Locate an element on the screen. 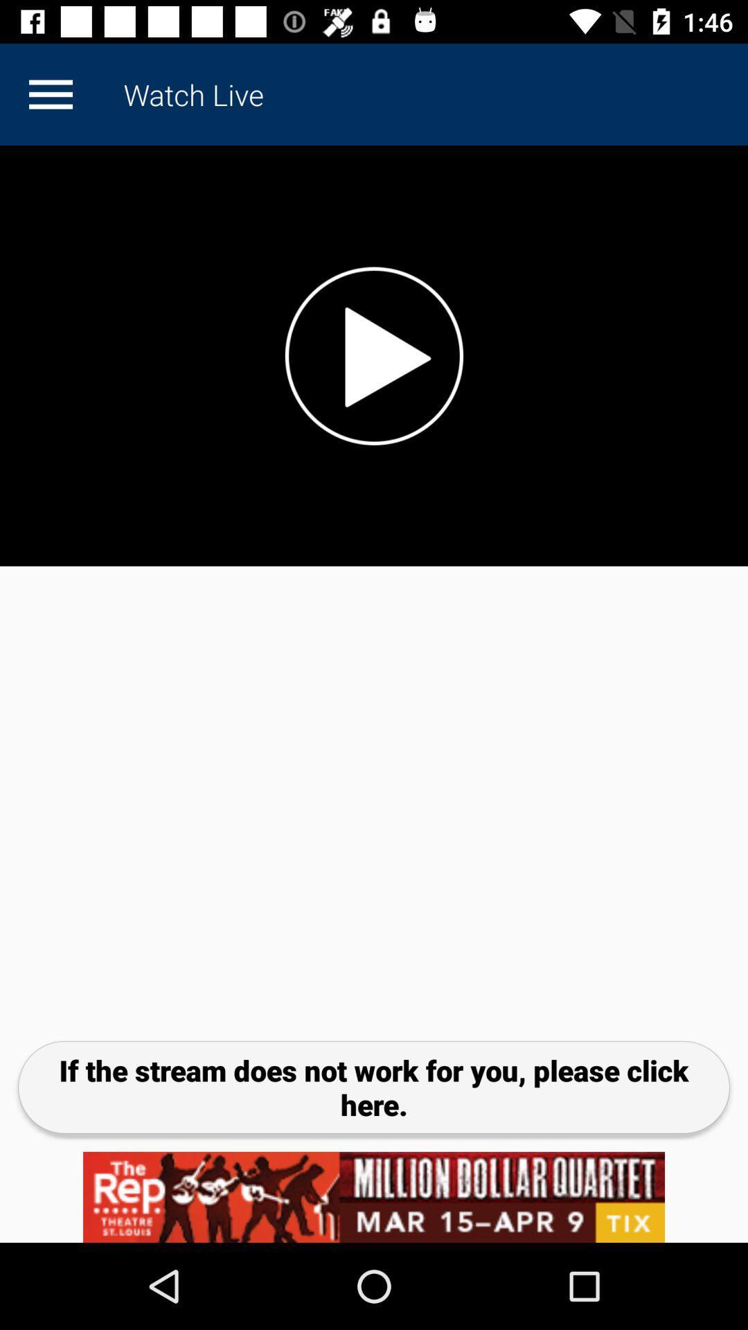 The height and width of the screenshot is (1330, 748). video is located at coordinates (374, 355).